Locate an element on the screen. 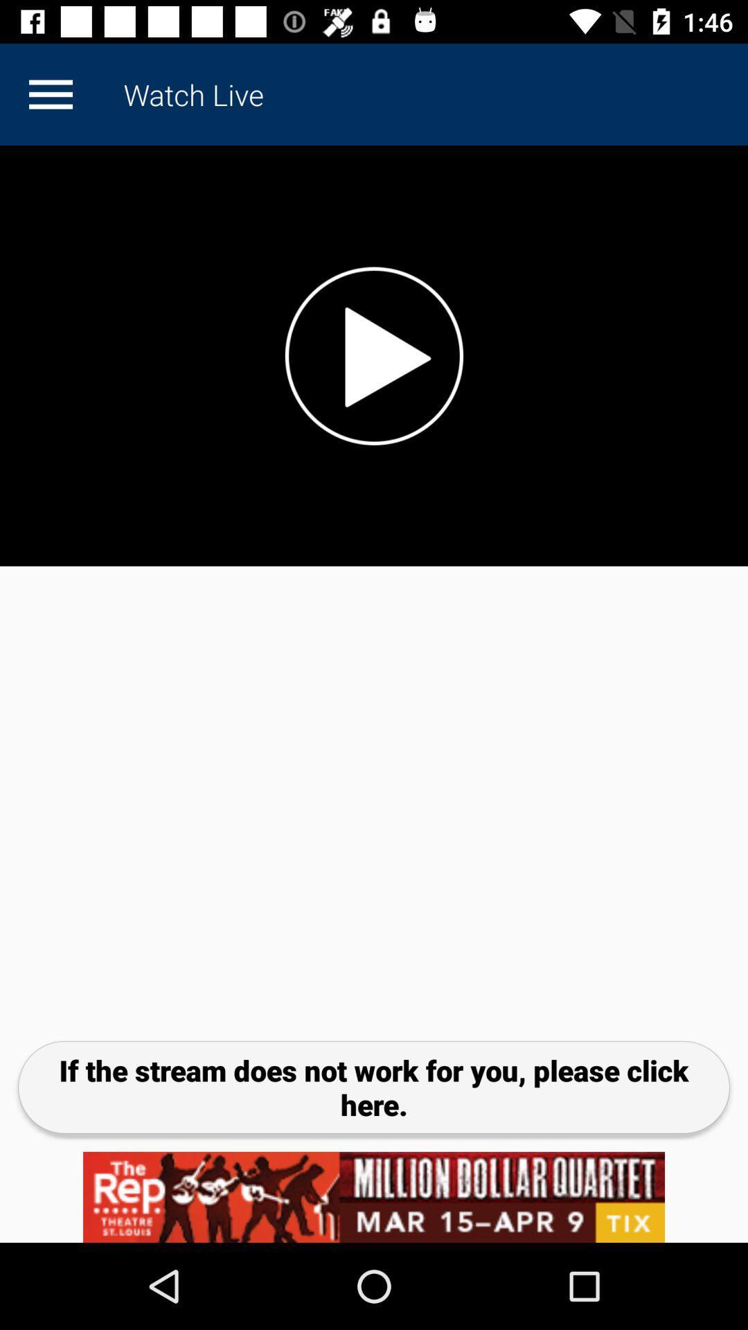 The height and width of the screenshot is (1330, 748). video is located at coordinates (374, 355).